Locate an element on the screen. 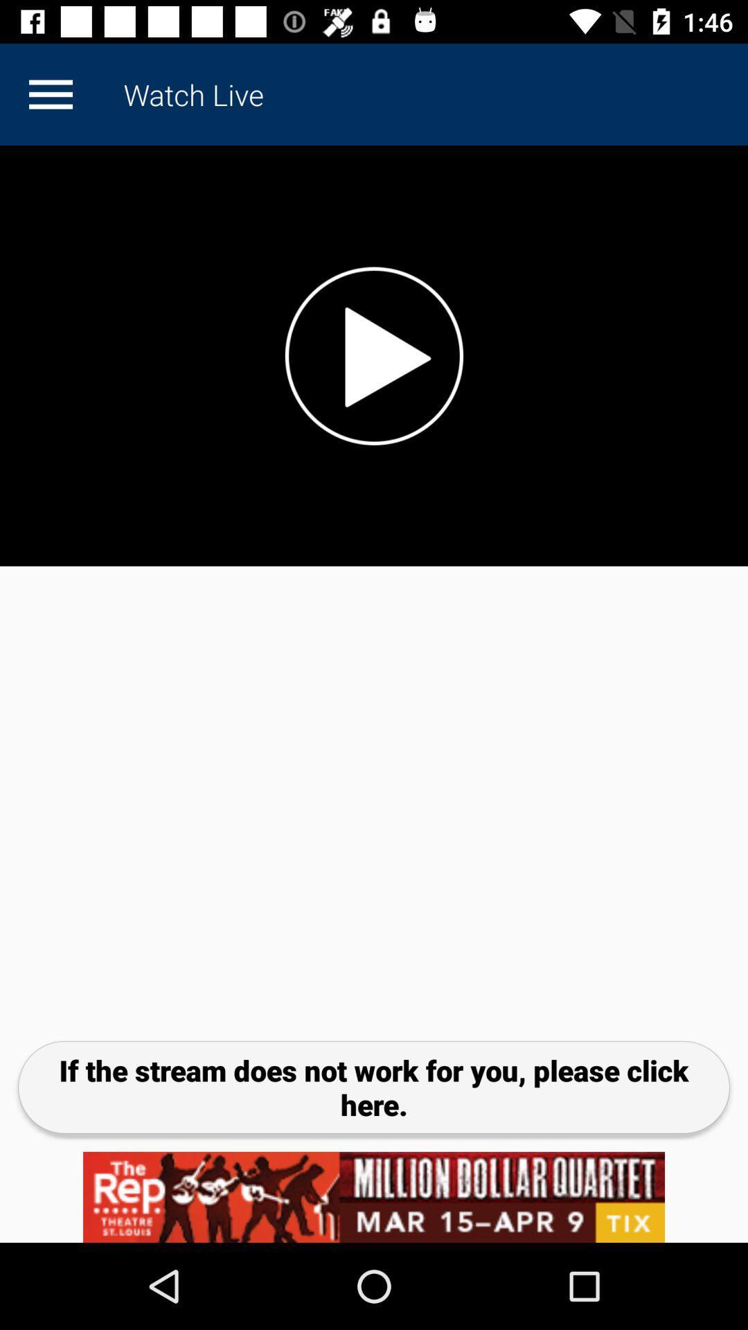 The height and width of the screenshot is (1330, 748). video is located at coordinates (374, 355).